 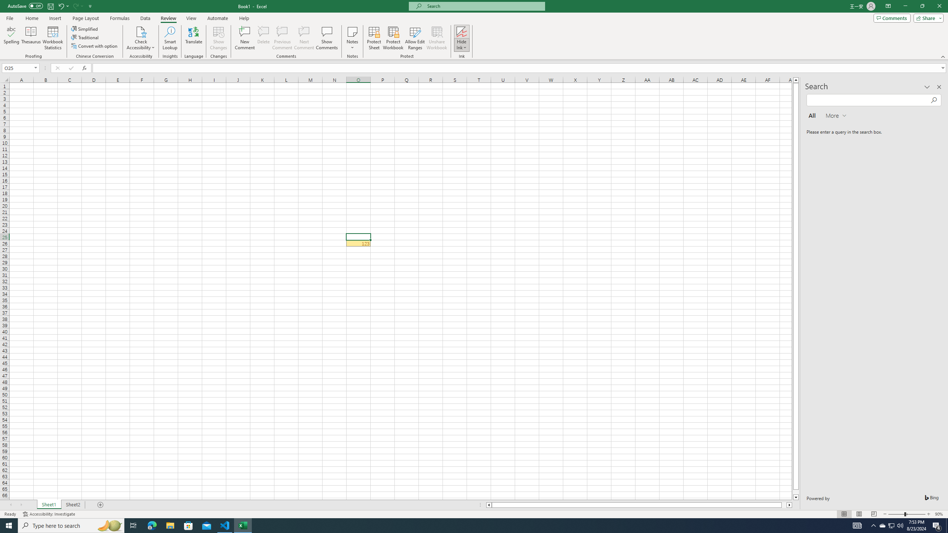 I want to click on 'Normal', so click(x=844, y=514).